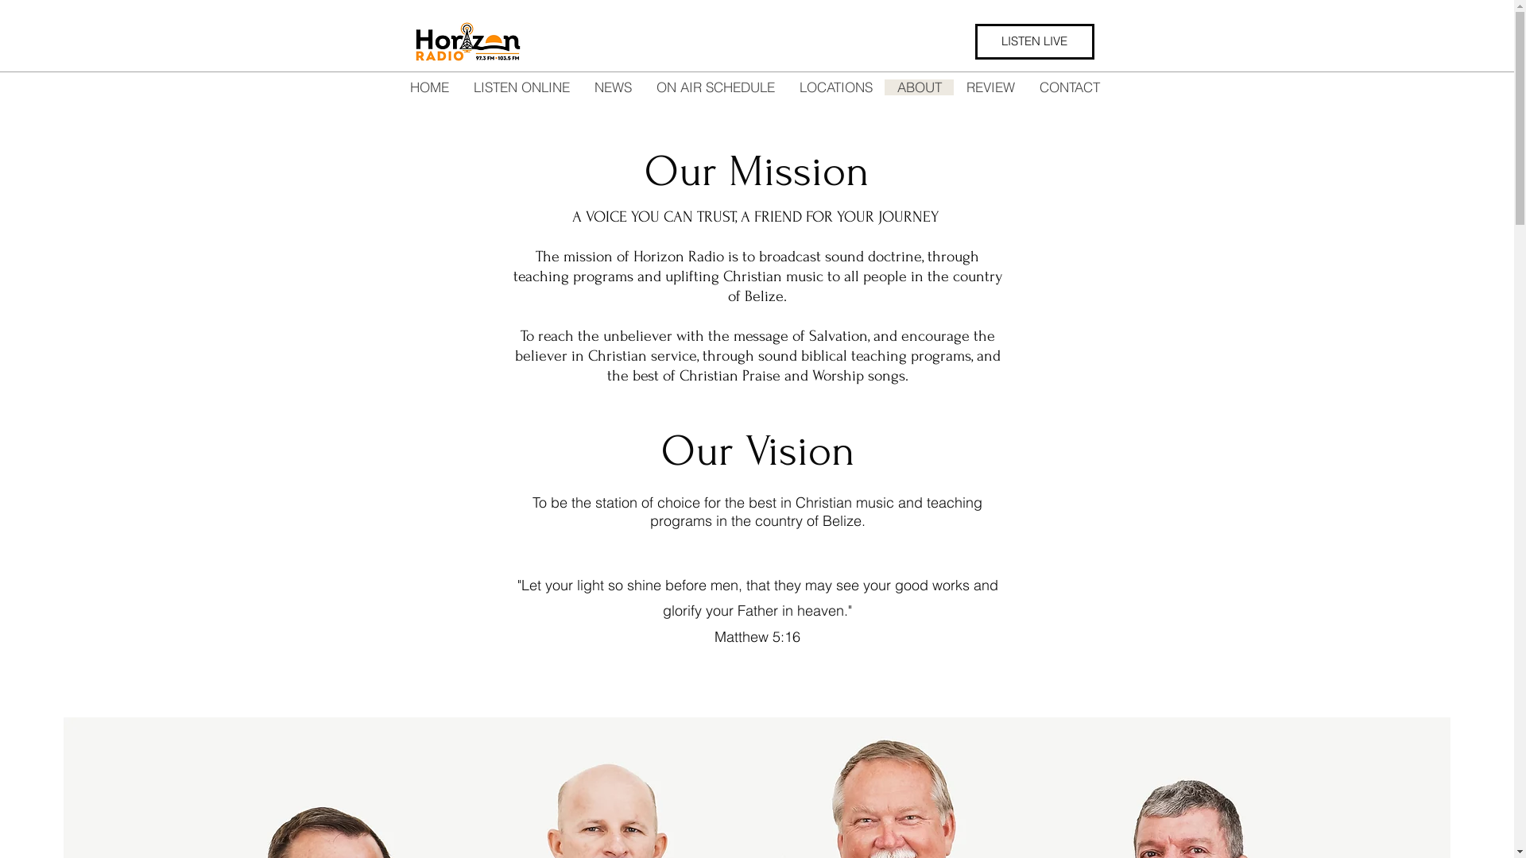 The width and height of the screenshot is (1526, 858). What do you see at coordinates (1033, 41) in the screenshot?
I see `'LISTEN LIVE'` at bounding box center [1033, 41].